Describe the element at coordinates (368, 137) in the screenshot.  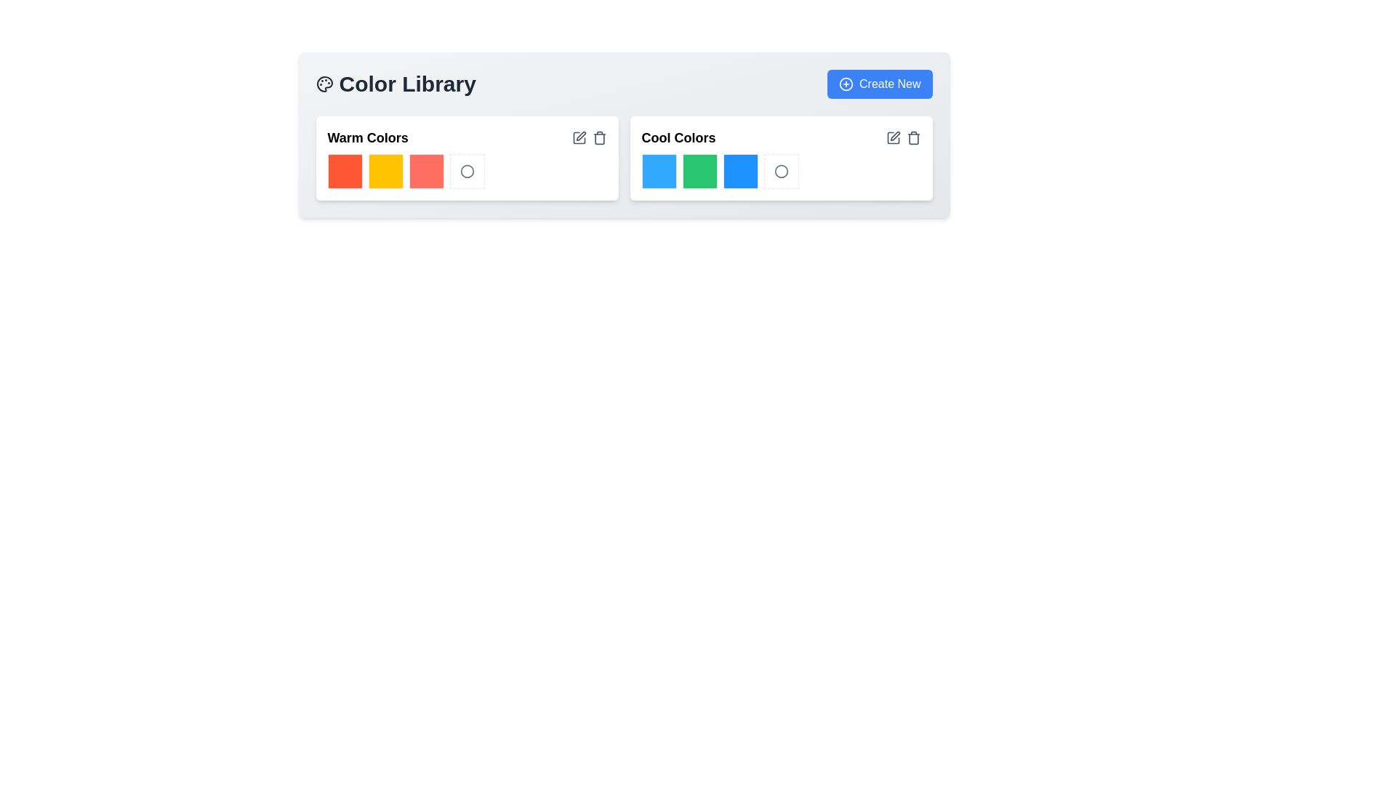
I see `the Label or Text that describes the 'Warm Colors' section, positioned in the top-left corner above the color tiles` at that location.